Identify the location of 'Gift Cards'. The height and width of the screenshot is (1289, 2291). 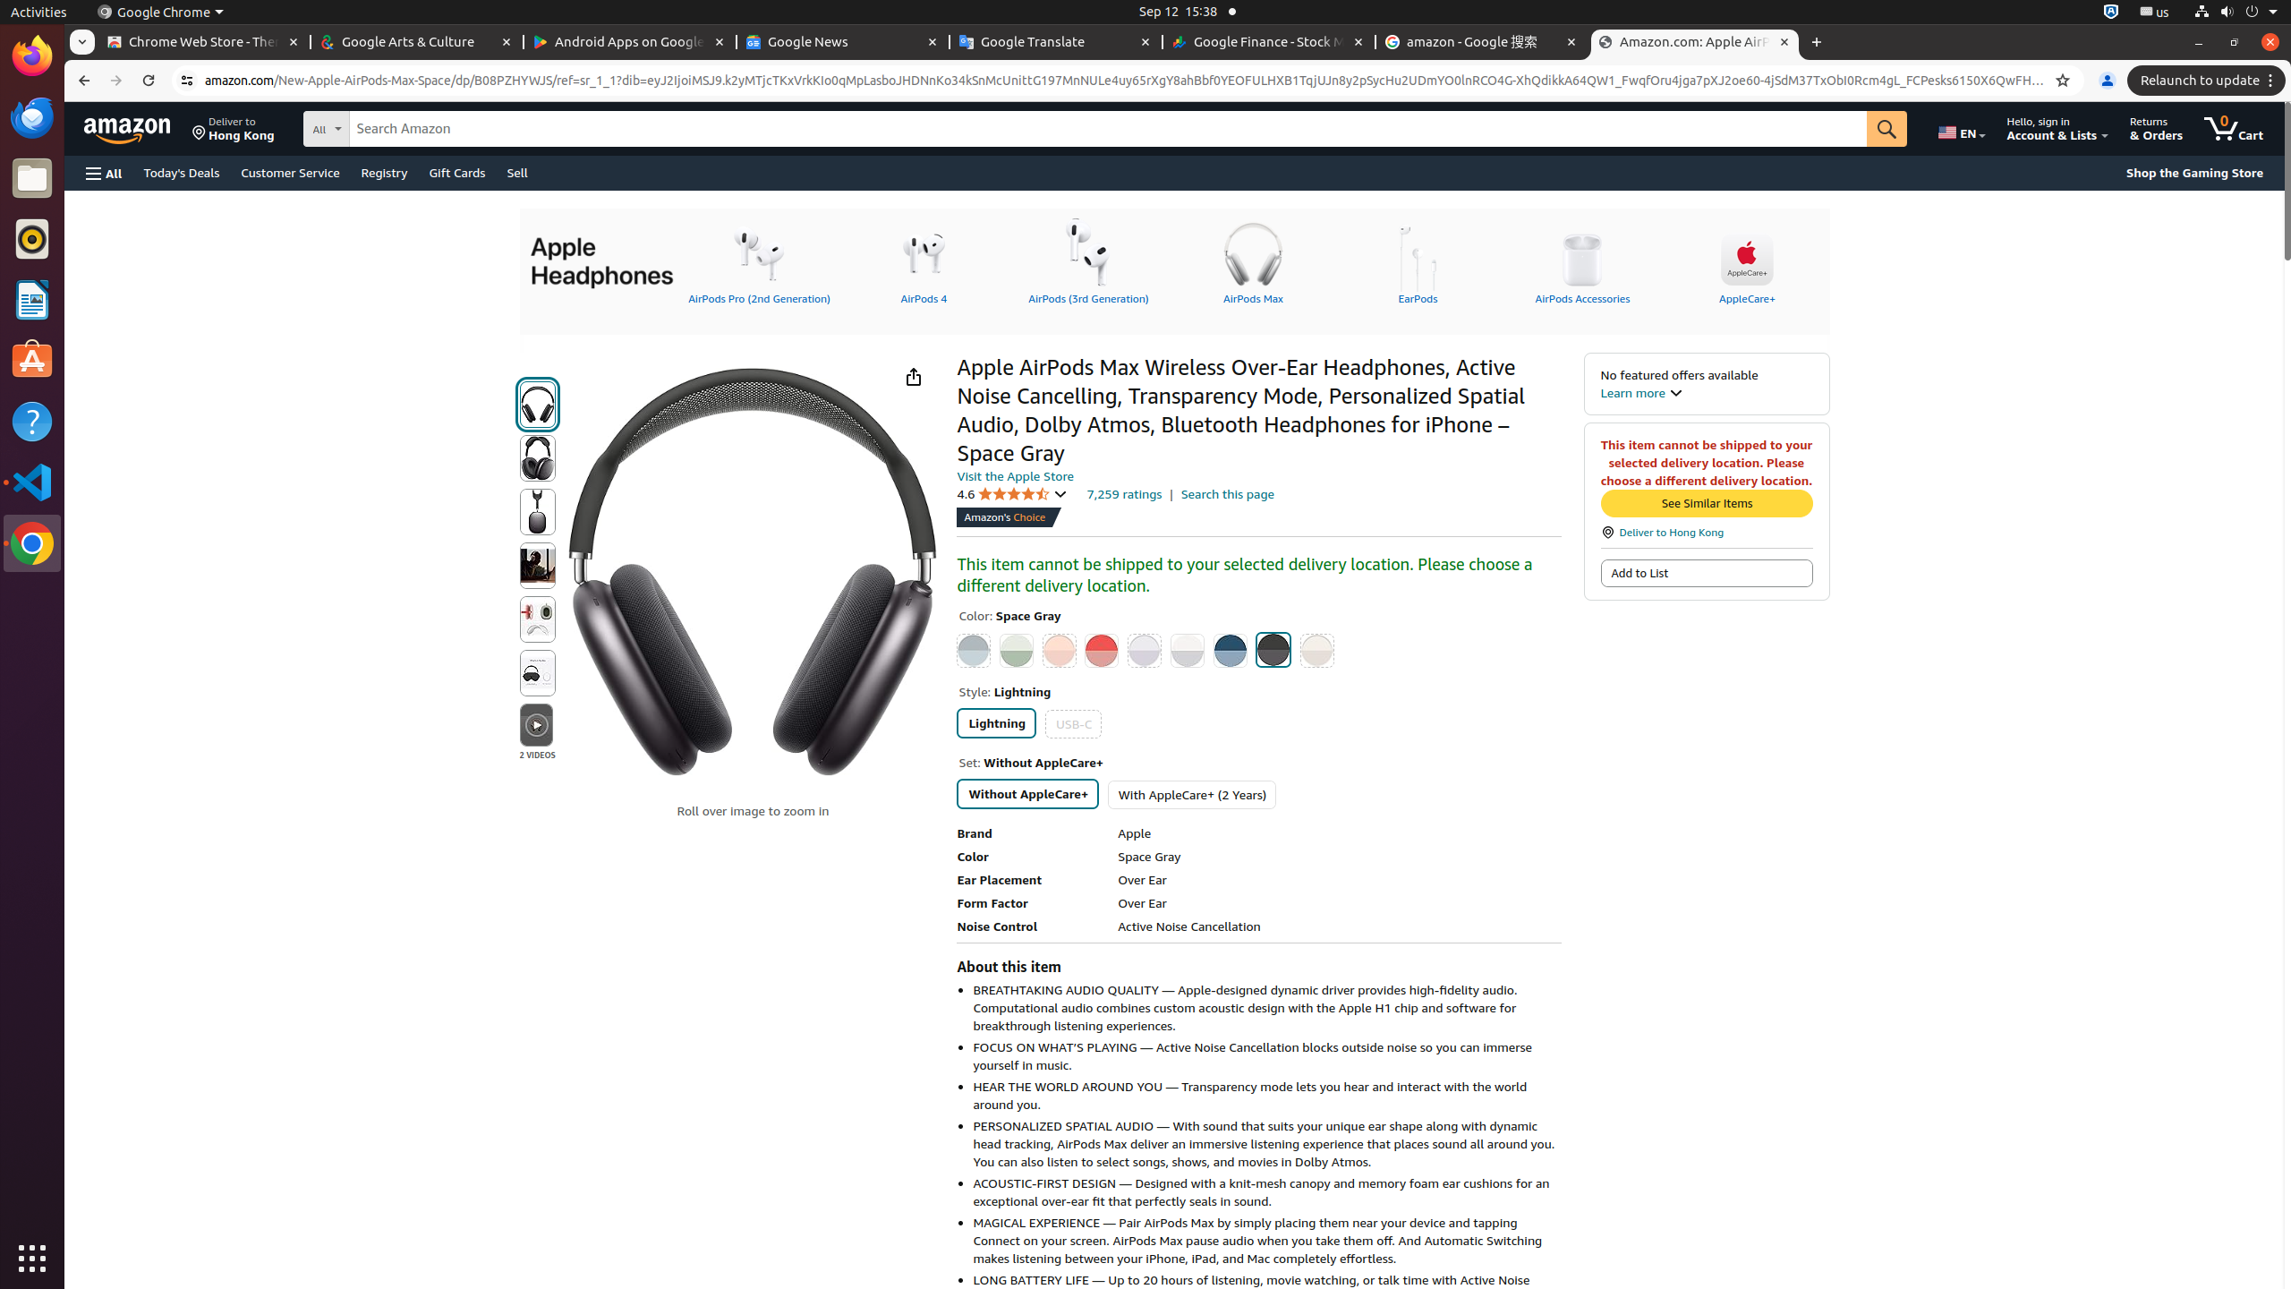
(456, 171).